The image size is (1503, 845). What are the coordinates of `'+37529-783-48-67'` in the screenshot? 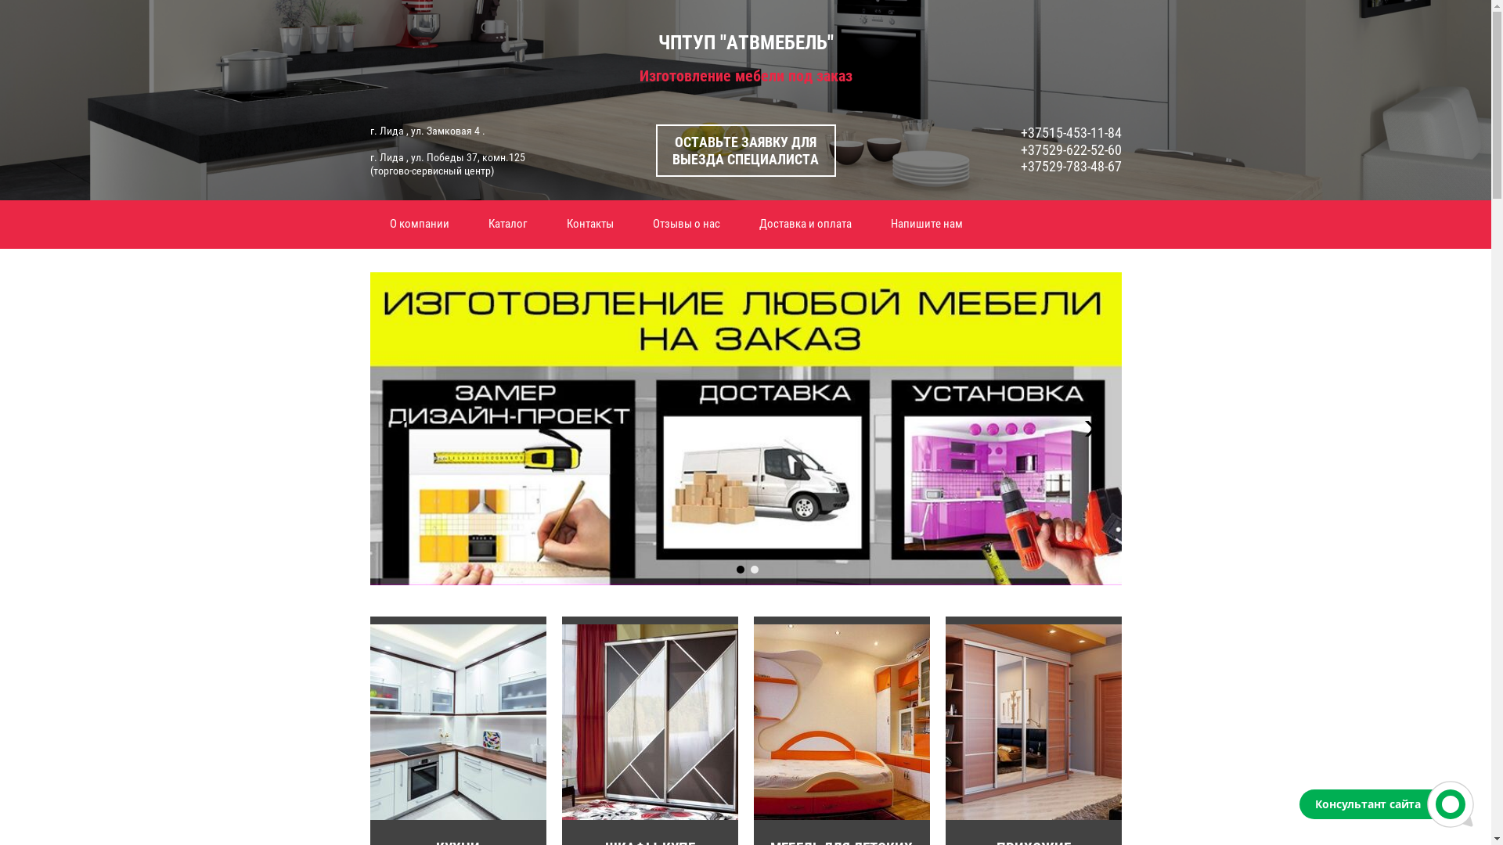 It's located at (1070, 166).